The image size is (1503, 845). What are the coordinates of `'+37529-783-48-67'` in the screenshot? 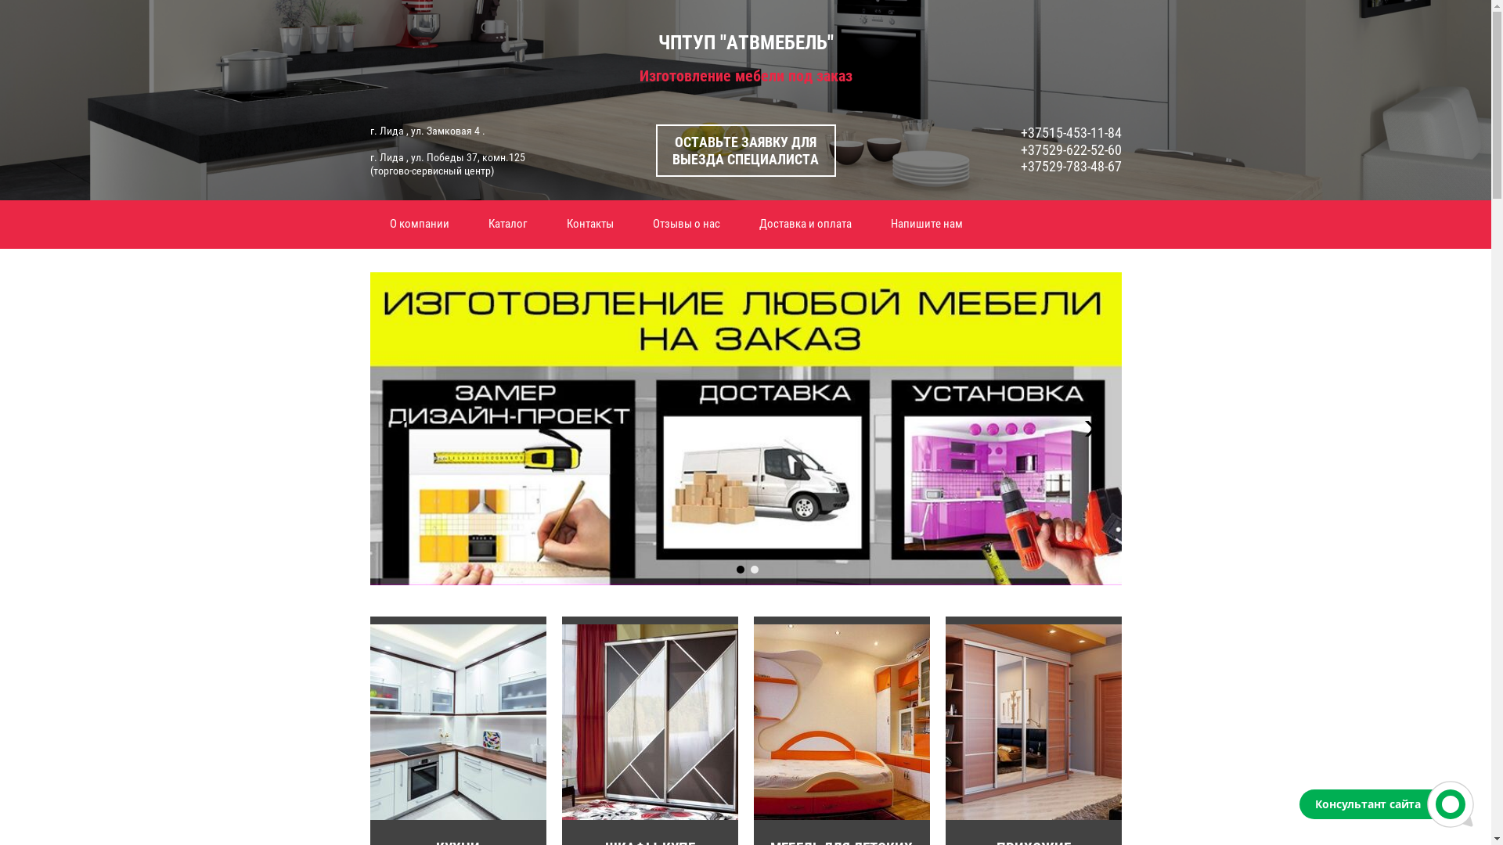 It's located at (1070, 166).